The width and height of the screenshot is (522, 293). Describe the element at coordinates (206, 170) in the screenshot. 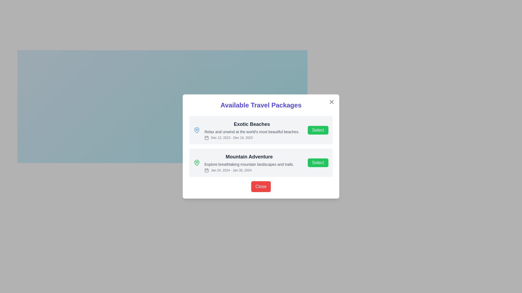

I see `the calendar icon located to the left of the date text 'Jan 24, 2024 - Jan 30, 2024' in the 'Mountain Adventure' section` at that location.